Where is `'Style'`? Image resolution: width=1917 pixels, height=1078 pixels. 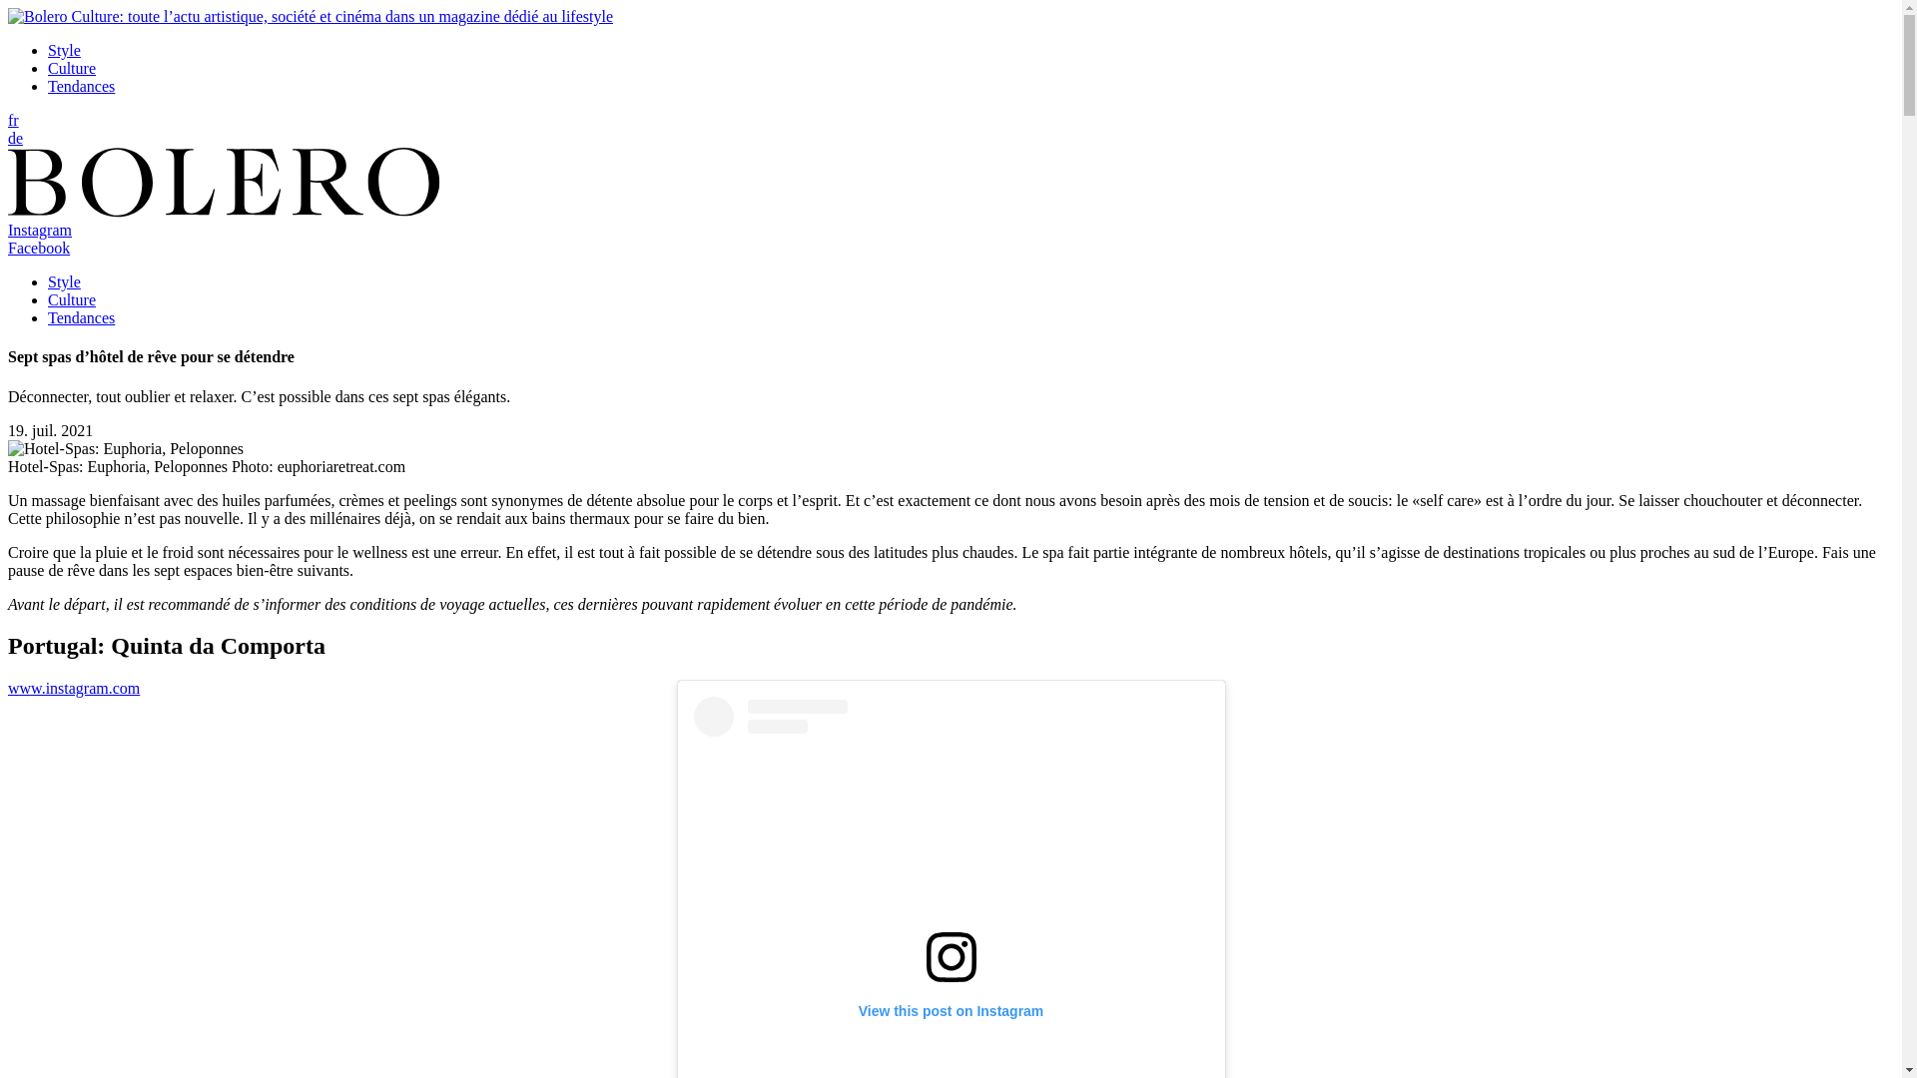
'Style' is located at coordinates (64, 281).